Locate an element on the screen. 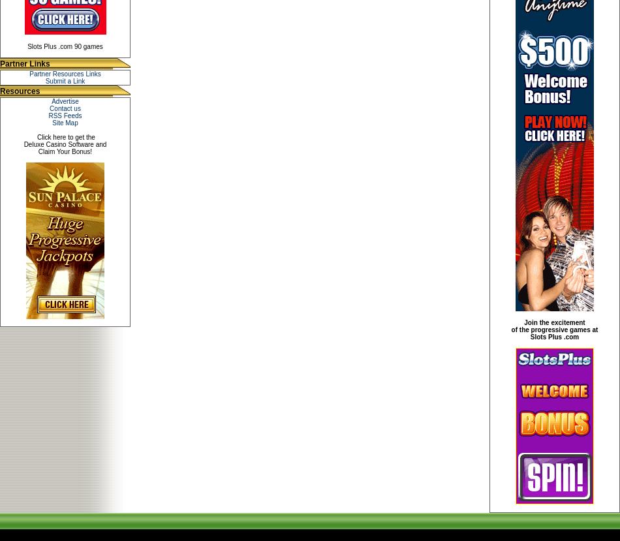 Image resolution: width=620 pixels, height=541 pixels. 'Resources' is located at coordinates (20, 91).